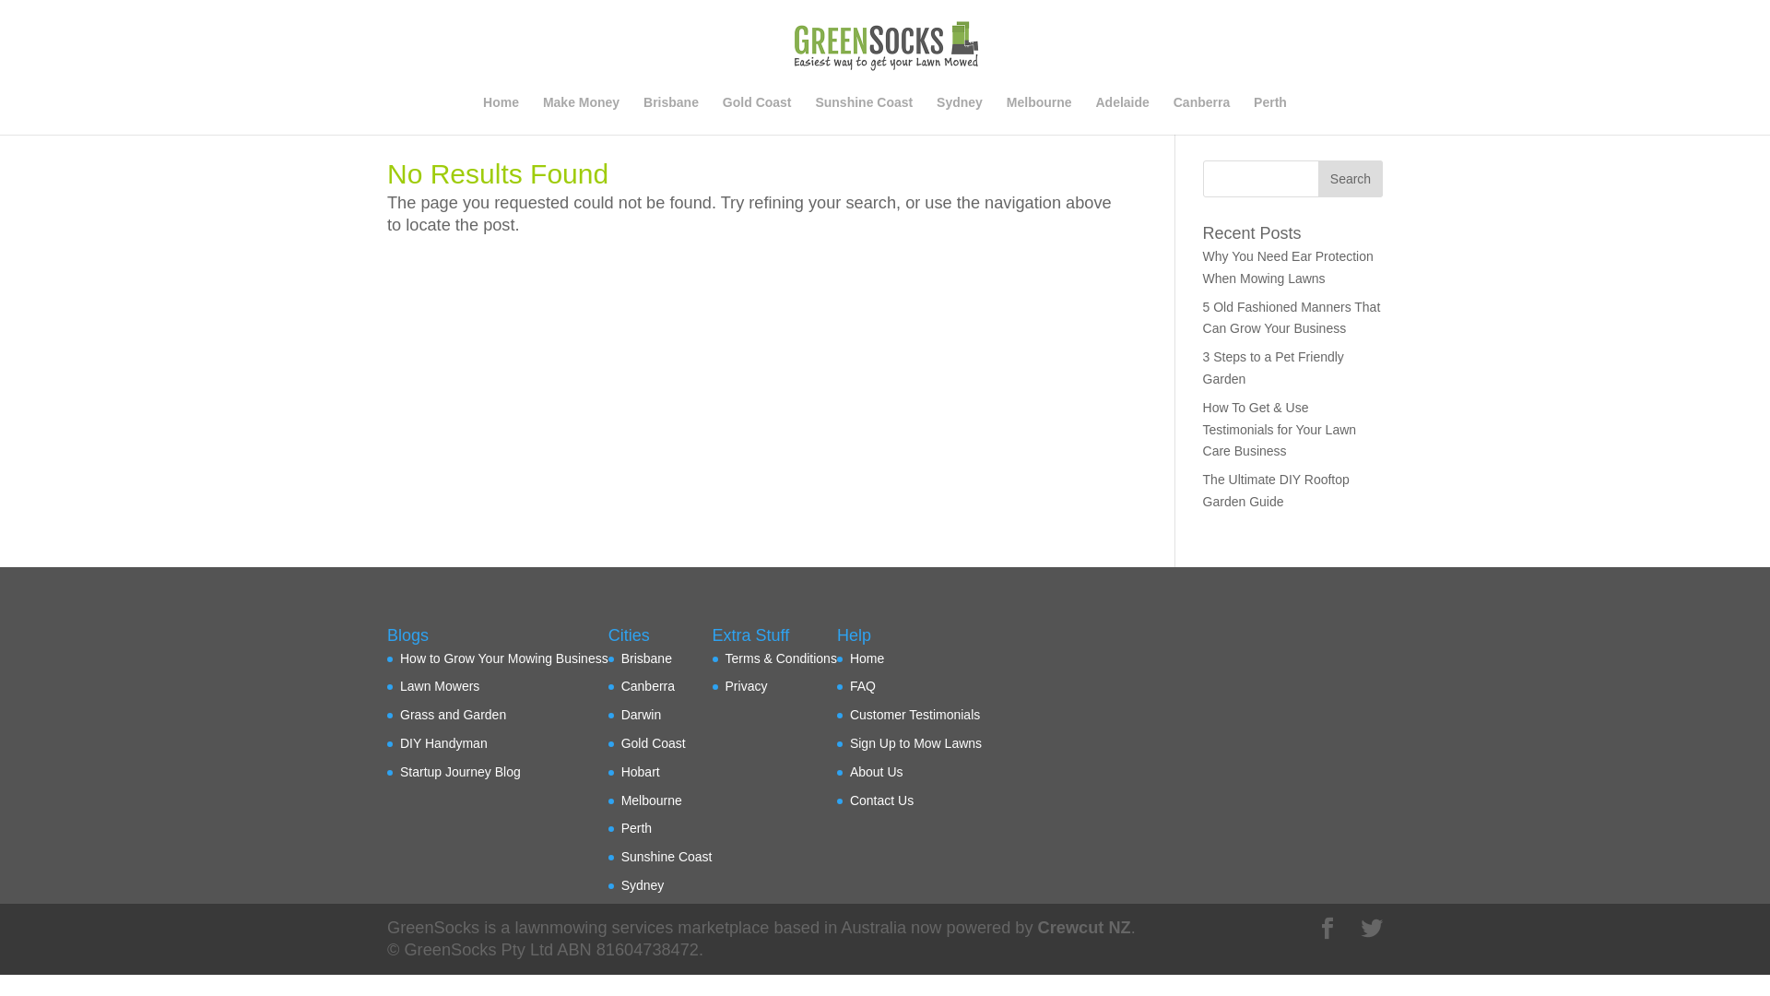 The image size is (1770, 996). I want to click on 'Darwin', so click(642, 714).